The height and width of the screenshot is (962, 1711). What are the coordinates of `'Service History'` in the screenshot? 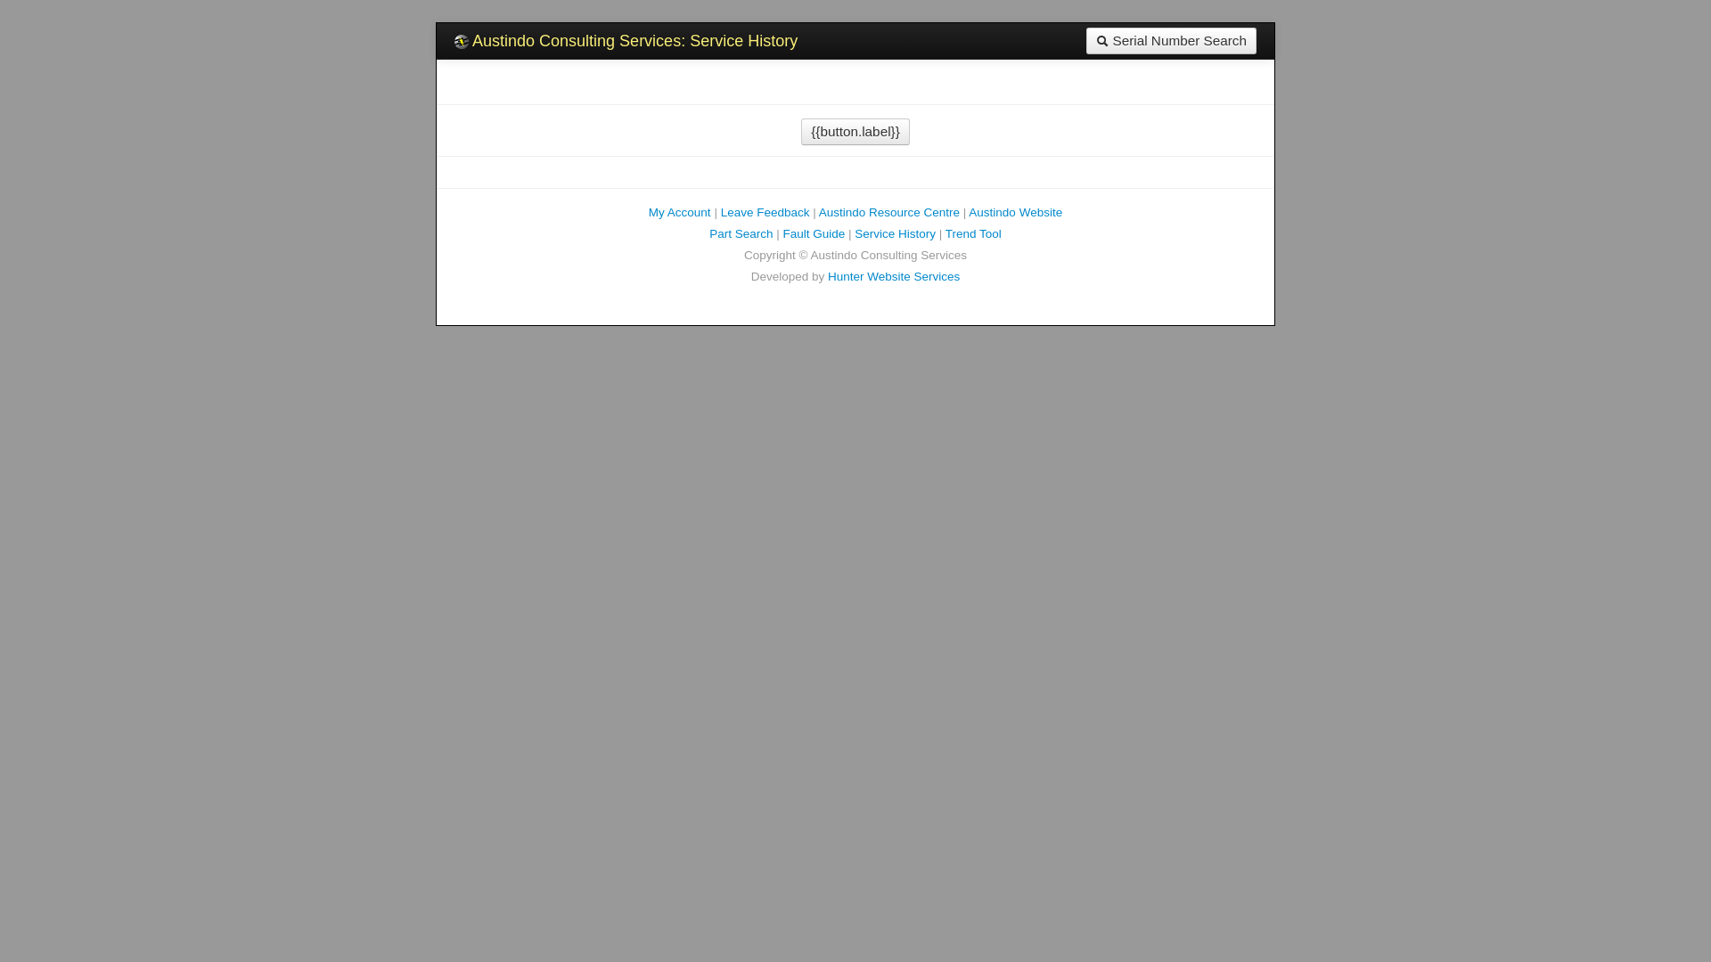 It's located at (895, 232).